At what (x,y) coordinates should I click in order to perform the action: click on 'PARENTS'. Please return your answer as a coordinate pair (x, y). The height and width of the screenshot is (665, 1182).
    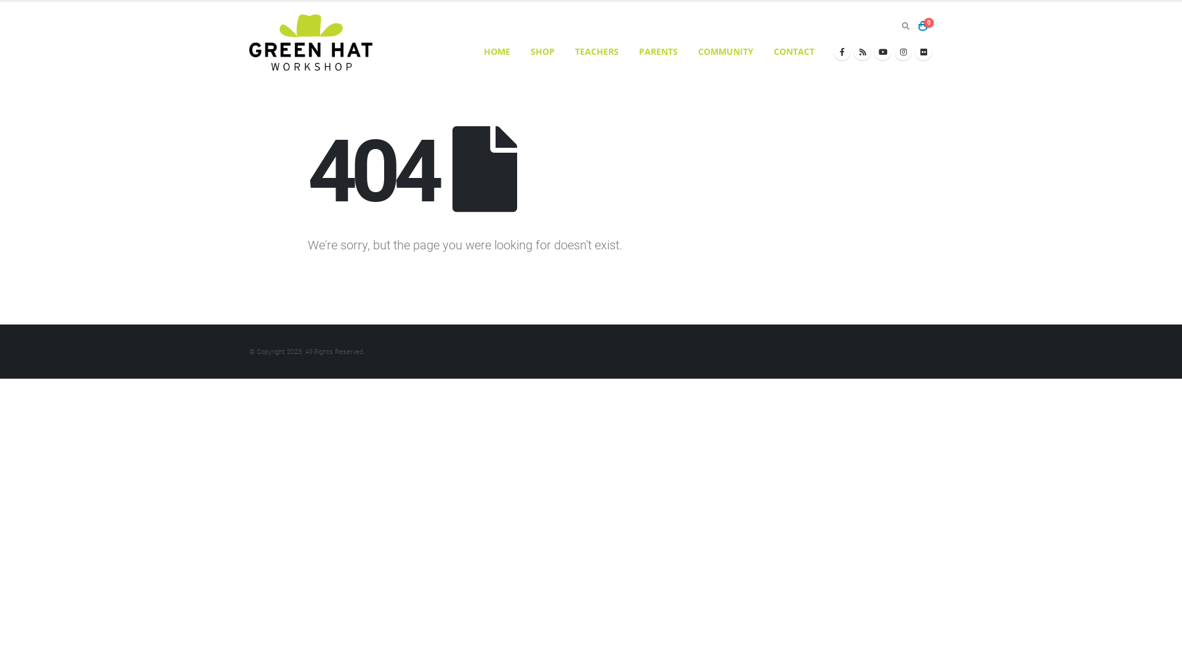
    Looking at the image, I should click on (657, 51).